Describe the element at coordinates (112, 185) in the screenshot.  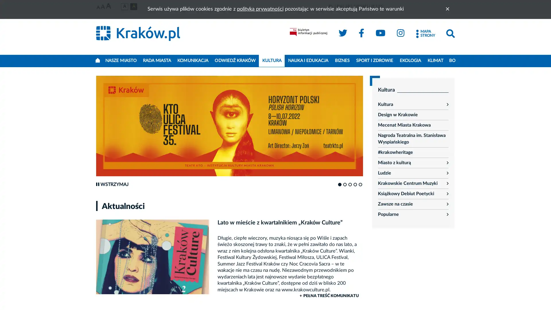
I see `Wstrzymaj` at that location.